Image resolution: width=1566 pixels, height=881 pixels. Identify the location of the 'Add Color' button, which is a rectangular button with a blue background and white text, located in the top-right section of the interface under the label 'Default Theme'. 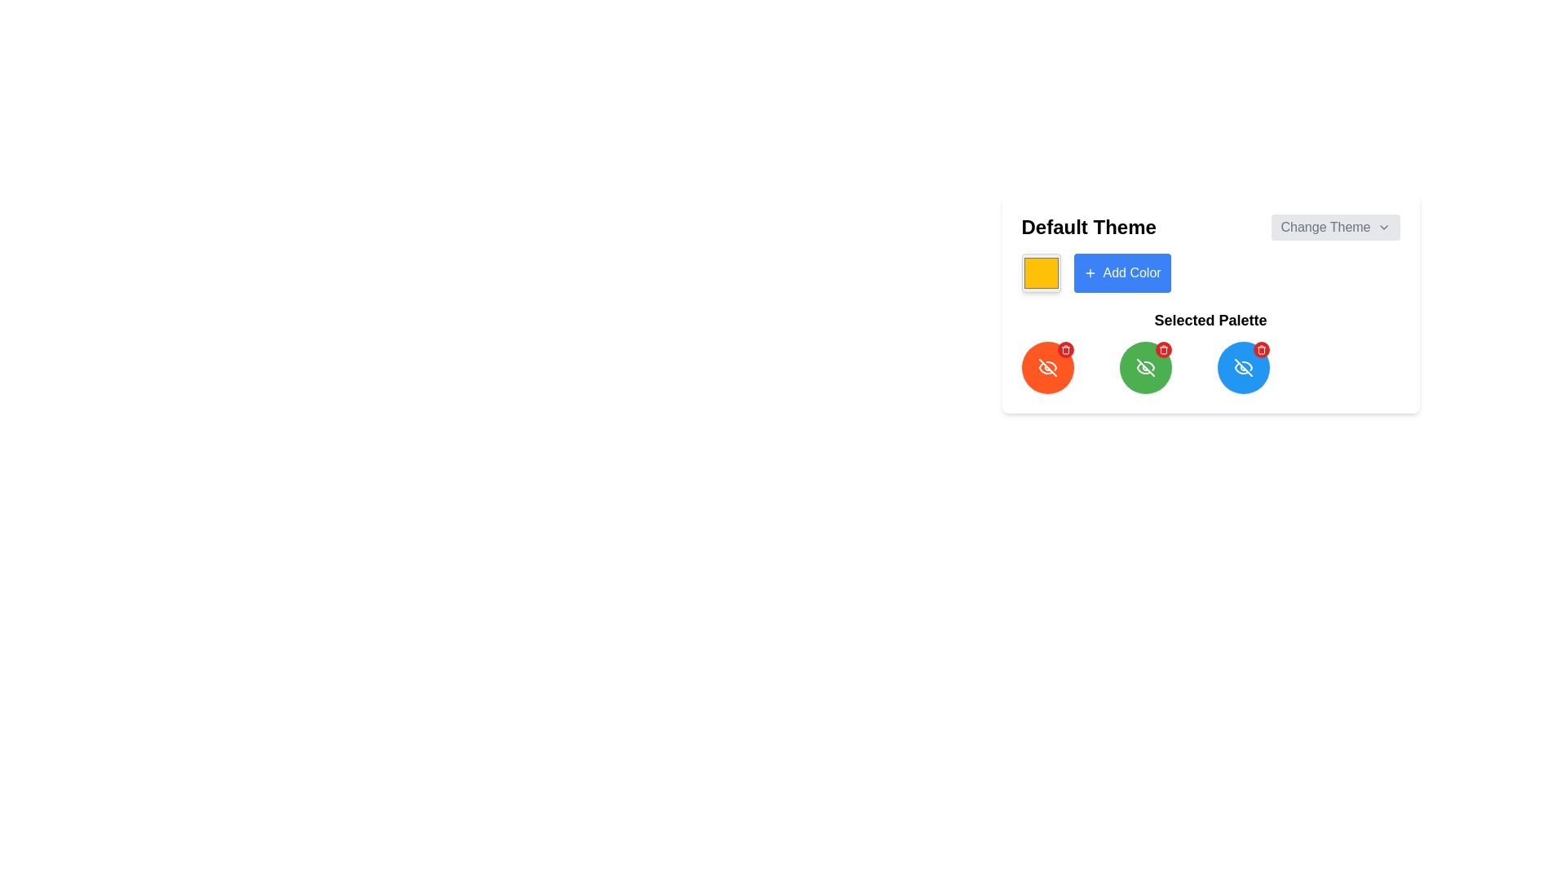
(1121, 272).